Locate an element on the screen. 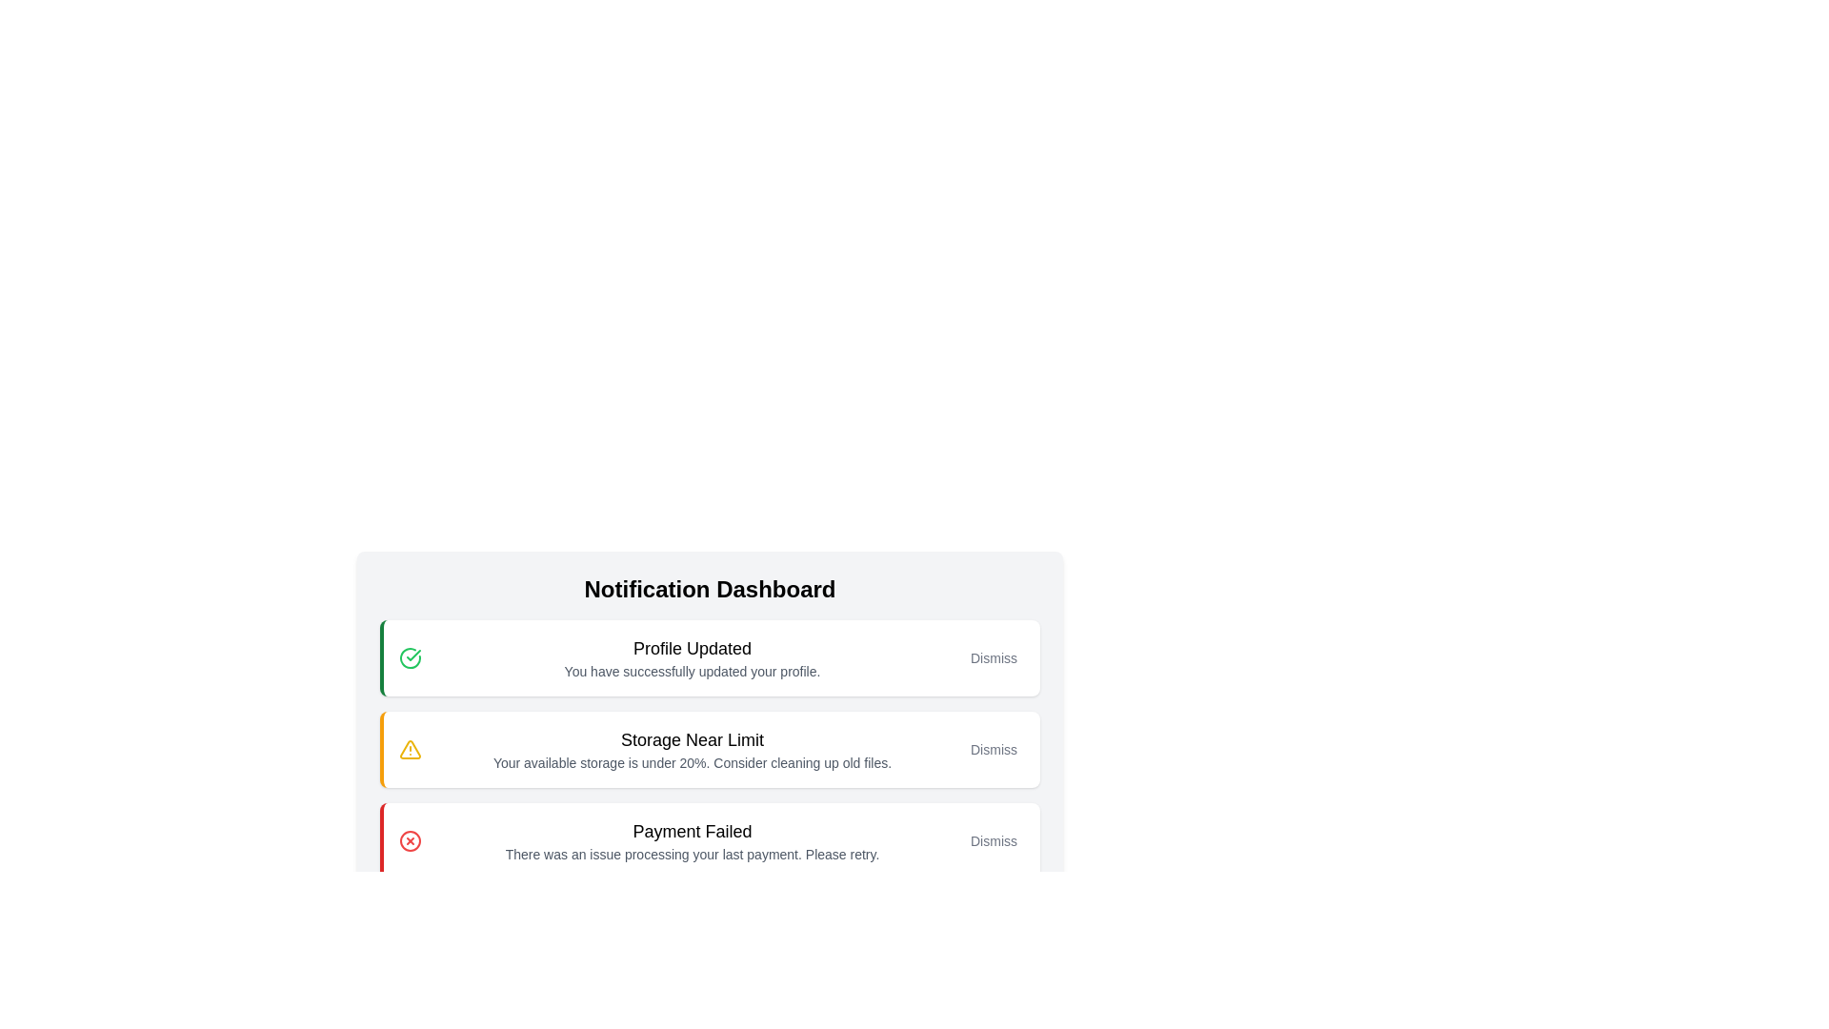 This screenshot has height=1029, width=1829. text heading 'Storage Near Limit' located at the top of the second notification box, which is positioned between 'Profile Updated' and 'Payment Failed' is located at coordinates (691, 738).